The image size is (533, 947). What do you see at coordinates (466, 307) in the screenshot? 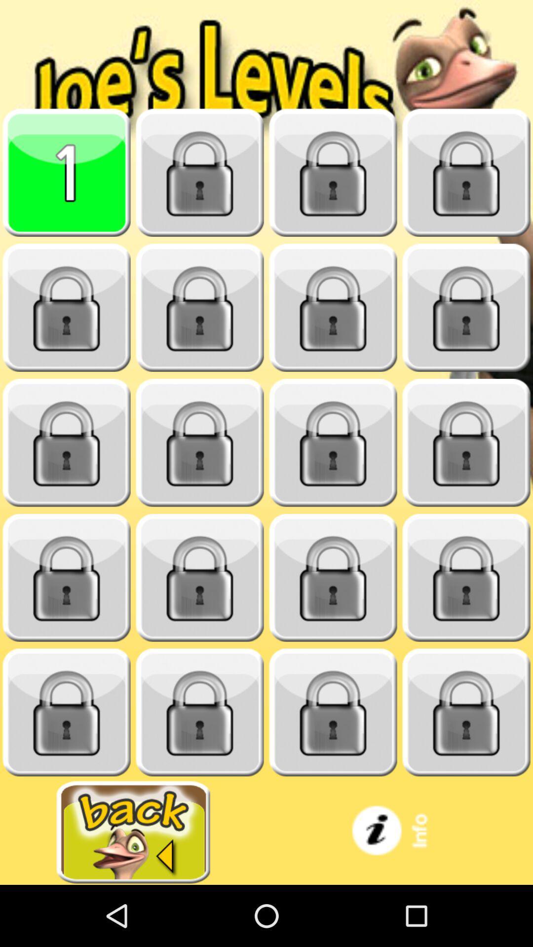
I see `level` at bounding box center [466, 307].